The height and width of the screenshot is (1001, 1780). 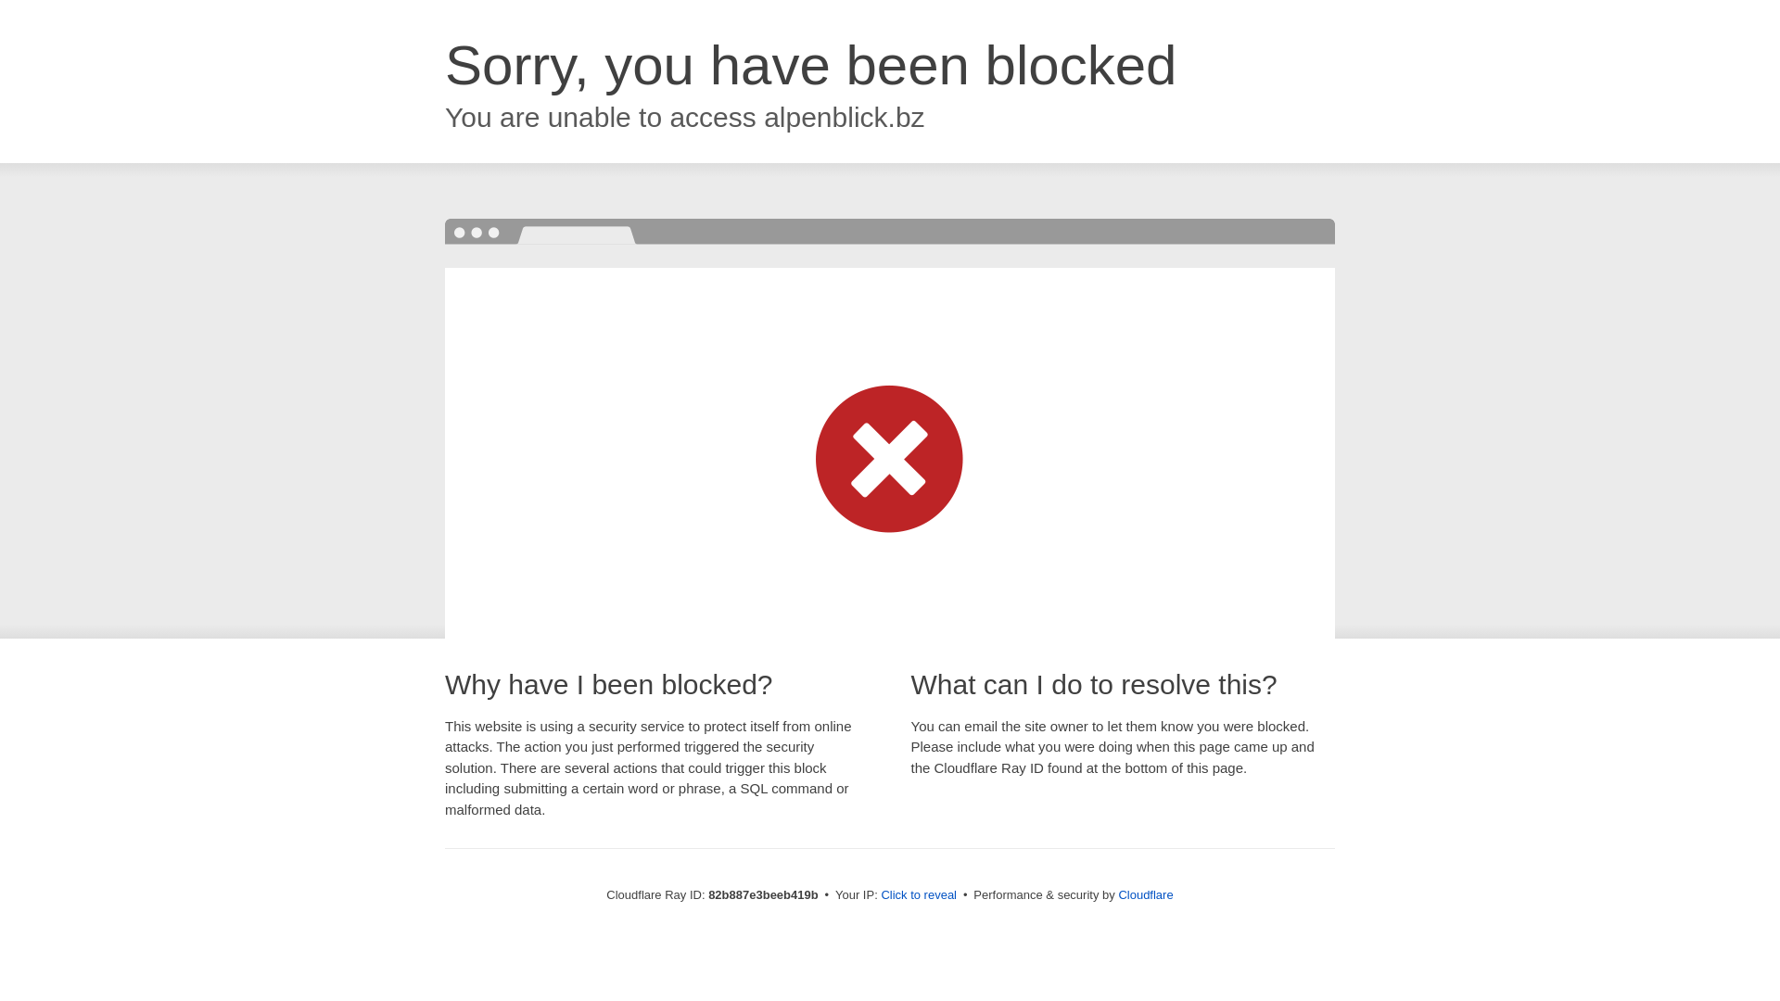 What do you see at coordinates (1116, 893) in the screenshot?
I see `'Cloudflare'` at bounding box center [1116, 893].